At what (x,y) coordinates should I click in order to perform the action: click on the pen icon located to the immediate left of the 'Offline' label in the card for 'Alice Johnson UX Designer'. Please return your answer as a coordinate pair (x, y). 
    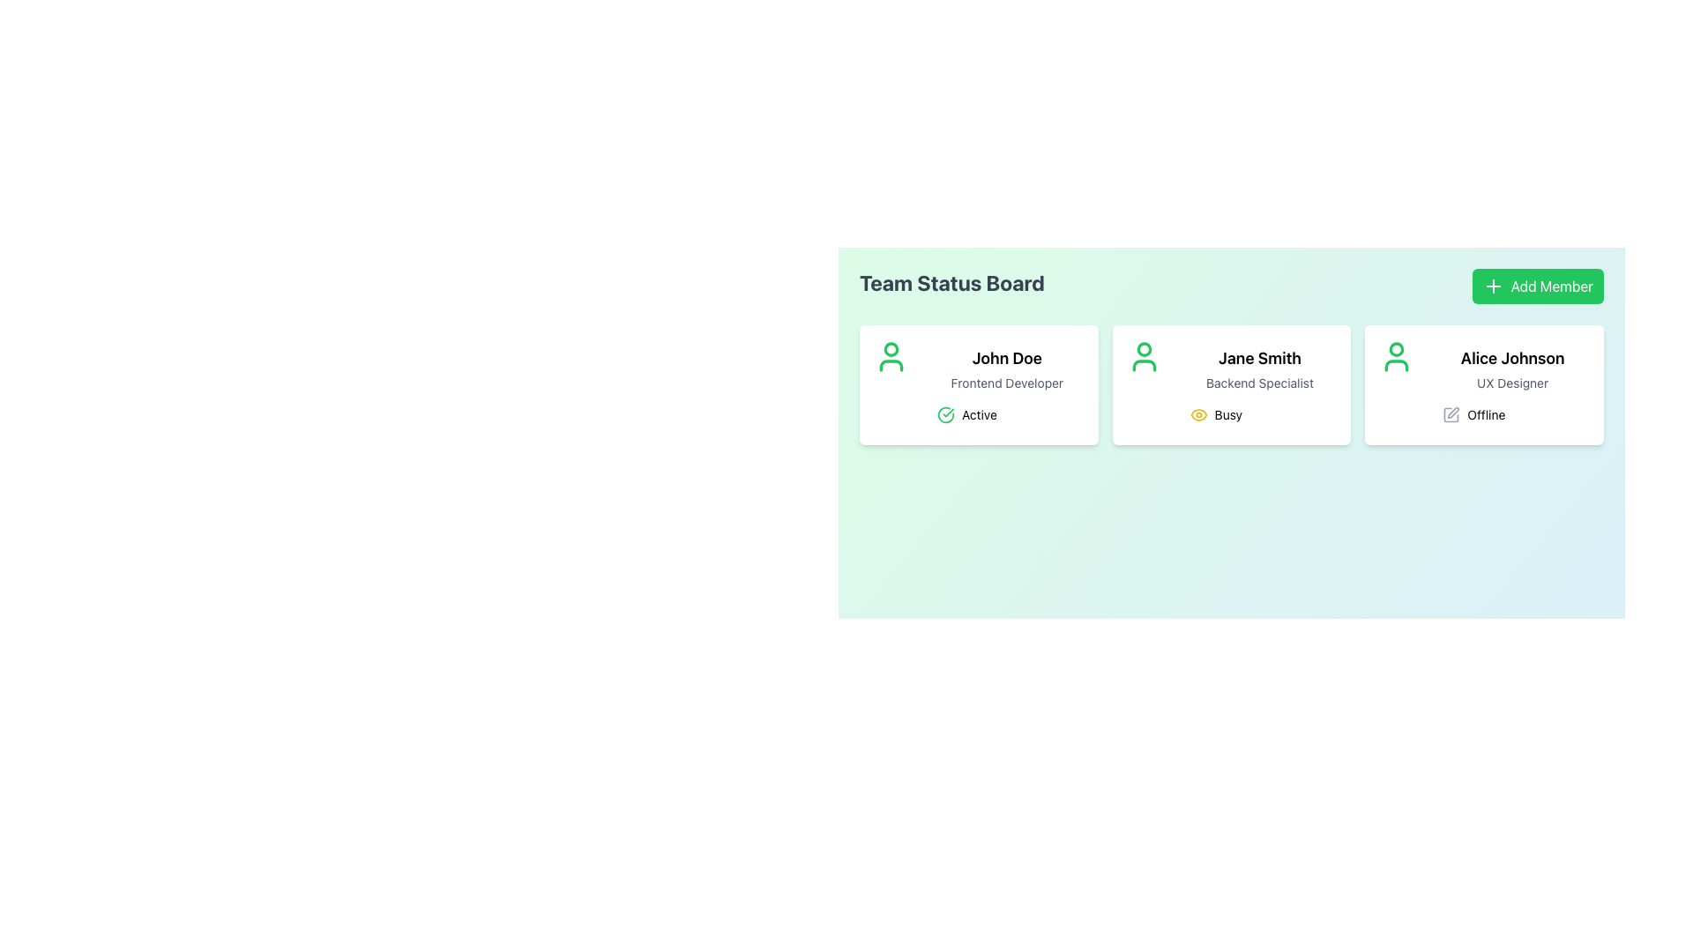
    Looking at the image, I should click on (1451, 414).